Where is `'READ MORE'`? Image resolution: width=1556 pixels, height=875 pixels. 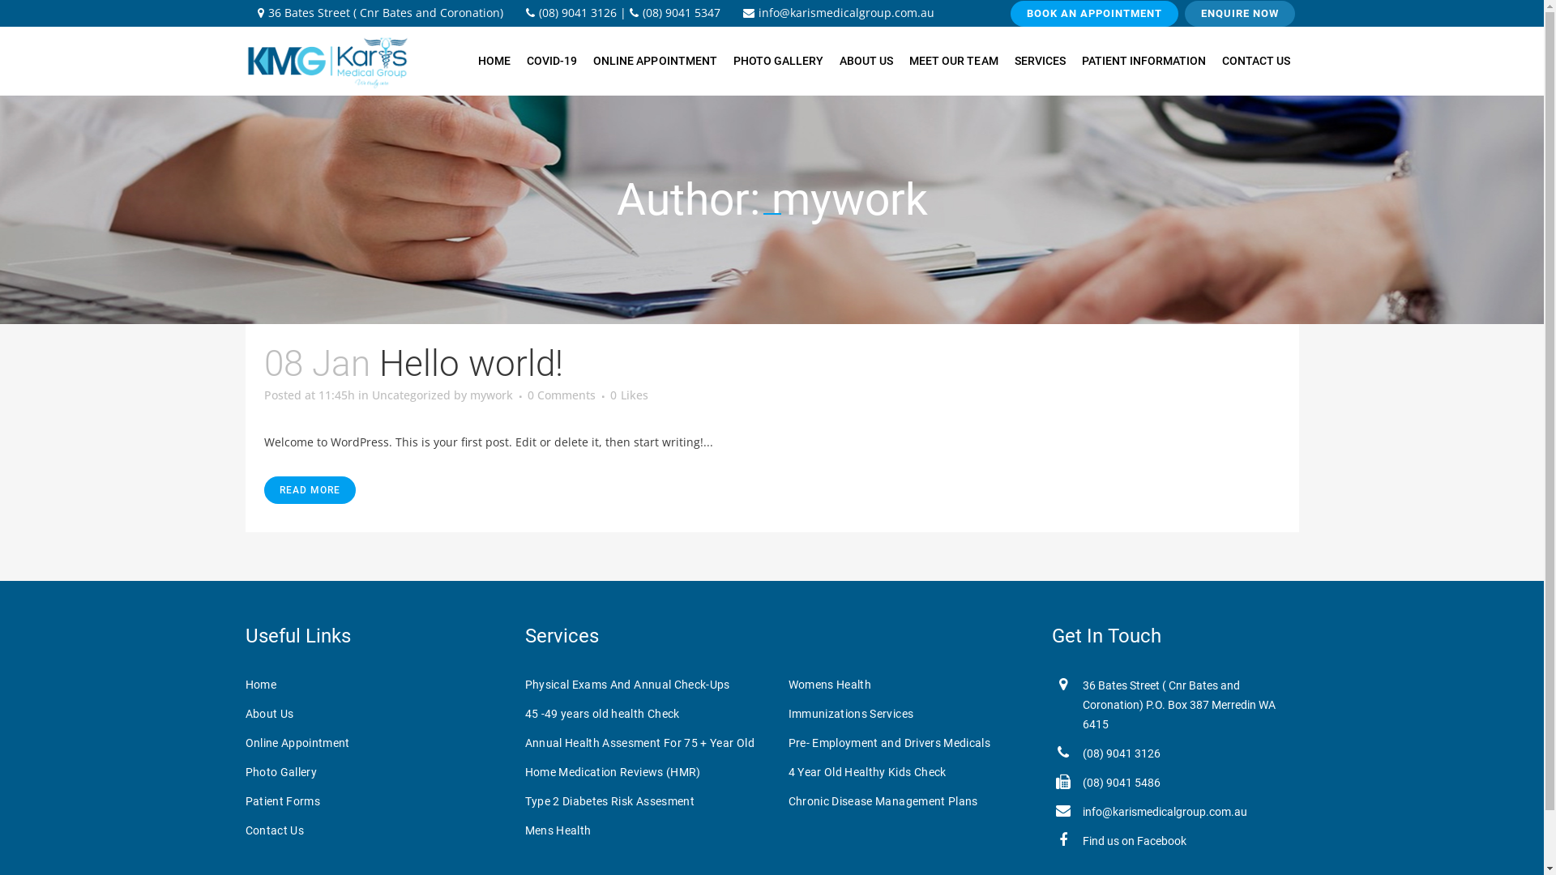
'READ MORE' is located at coordinates (310, 489).